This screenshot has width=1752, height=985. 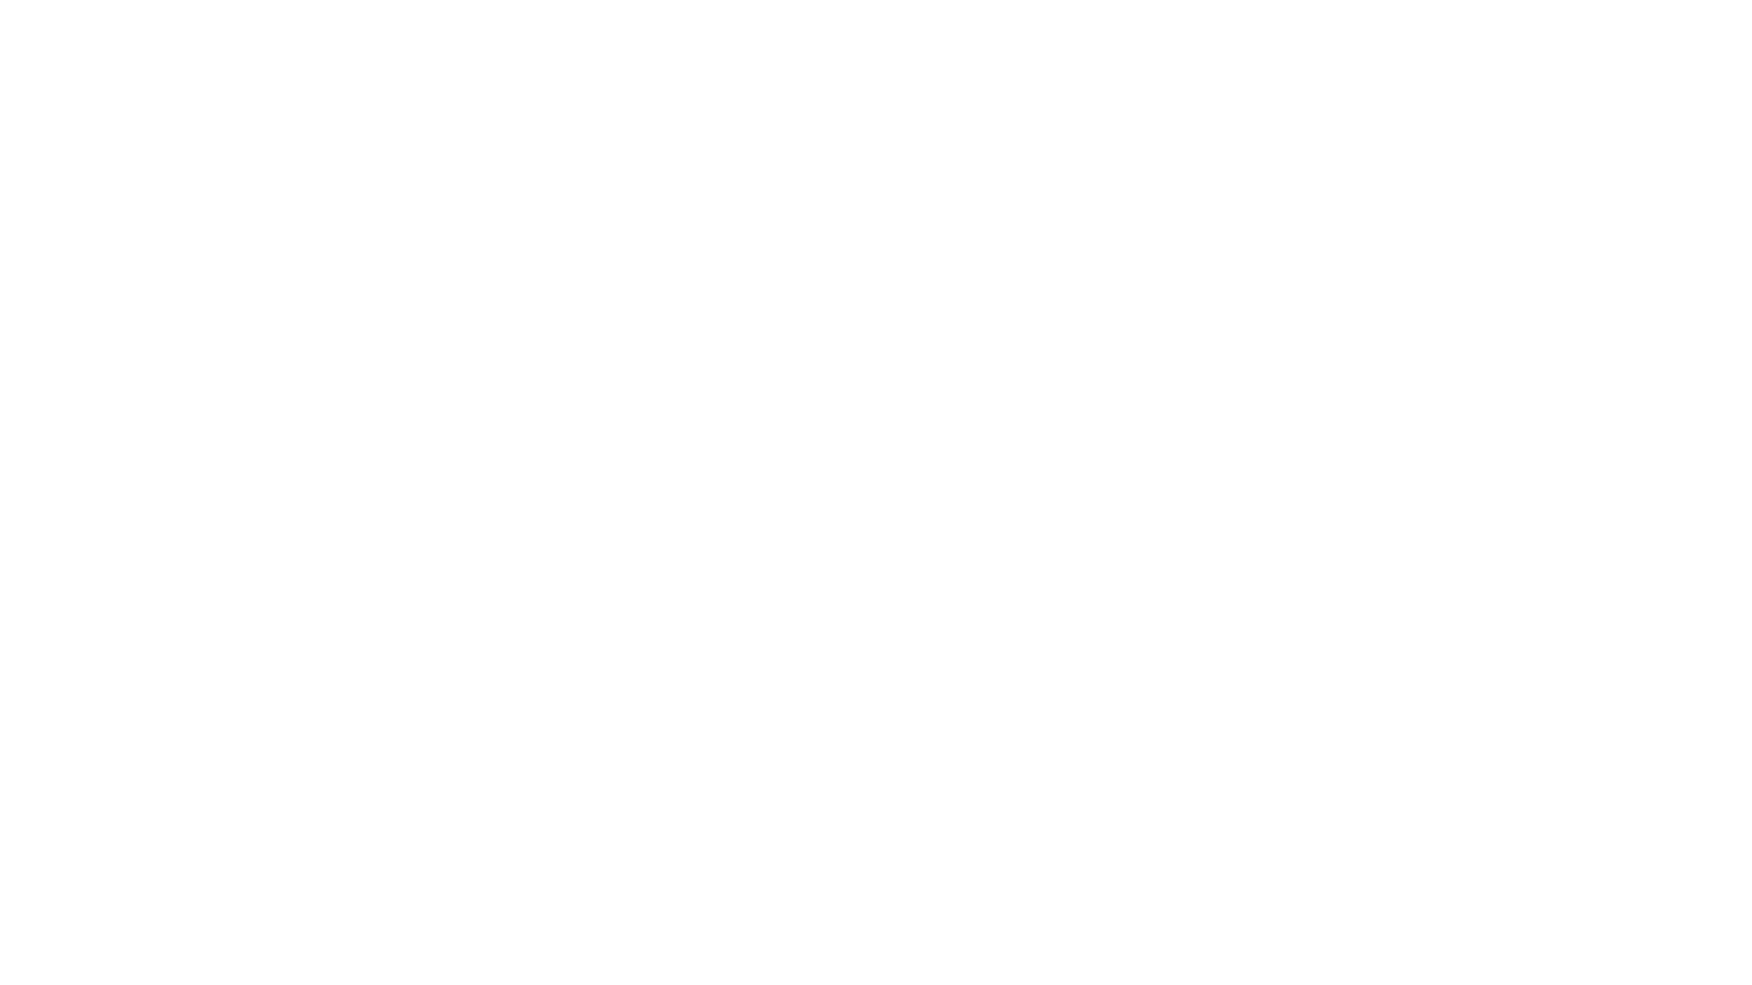 I want to click on Datova schranka Datova schranka Vyuzijte prihlasovaci udaje do vasi datove schranky, so click(x=625, y=506).